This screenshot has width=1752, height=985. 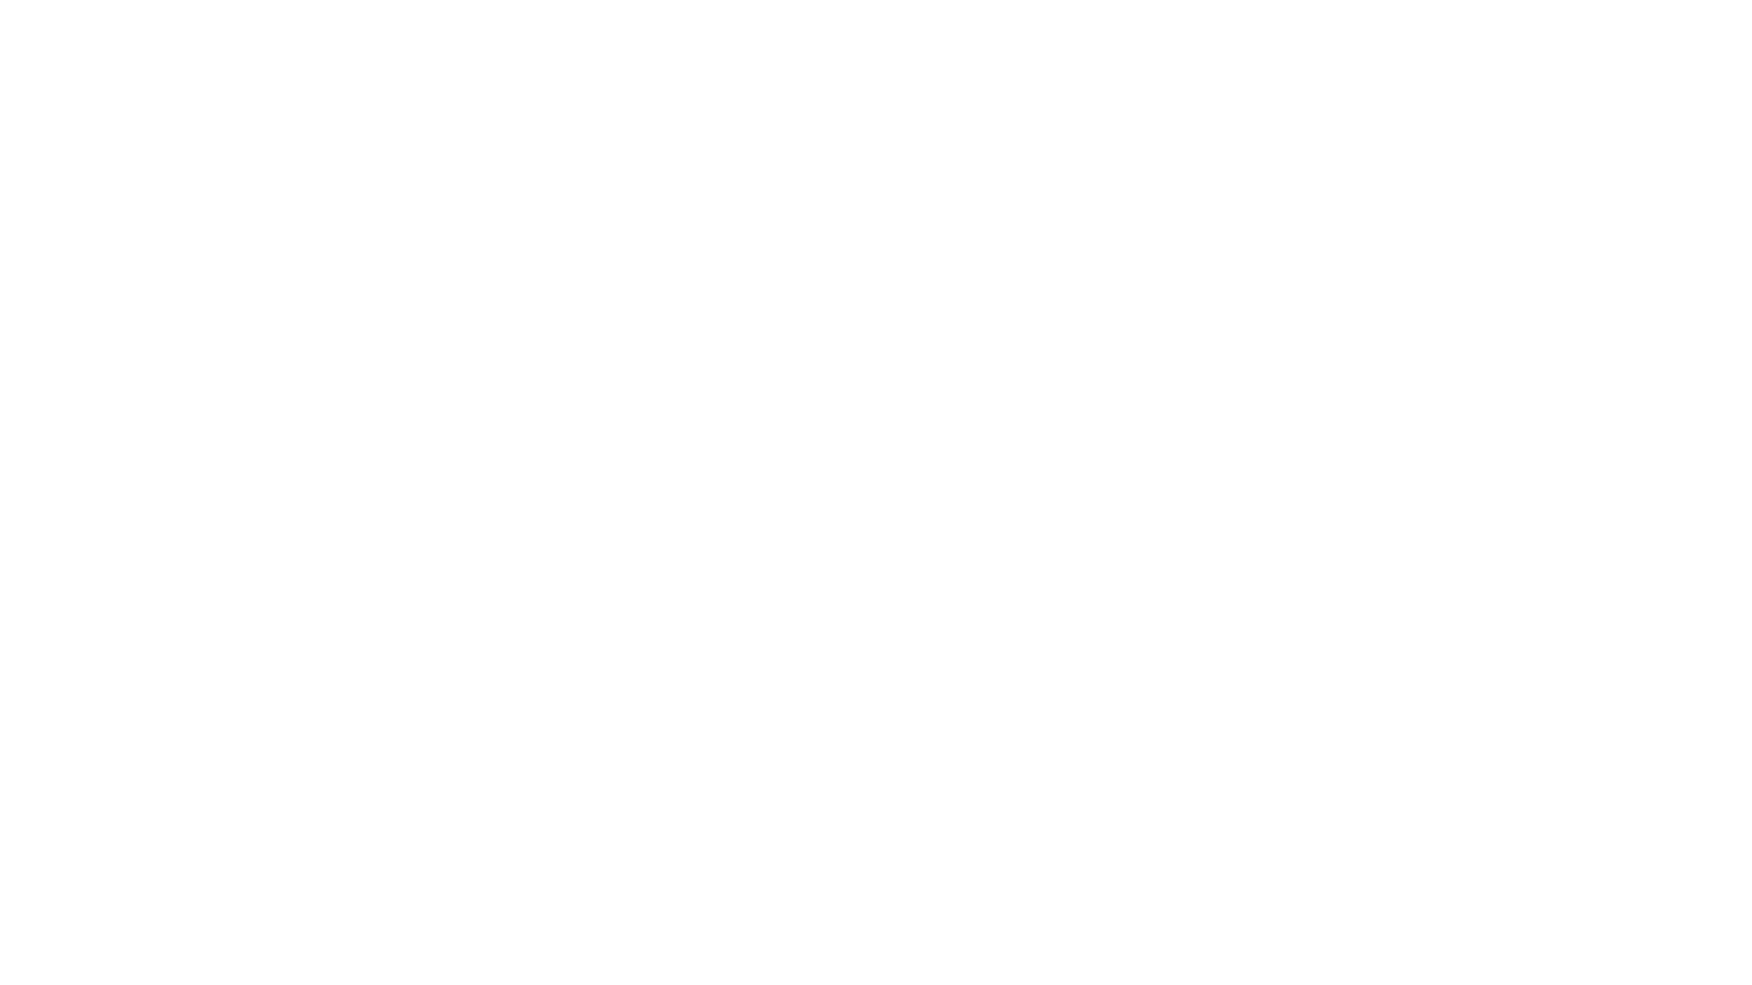 I want to click on Datova schranka Datova schranka Vyuzijte prihlasovaci udaje do vasi datove schranky, so click(x=625, y=506).